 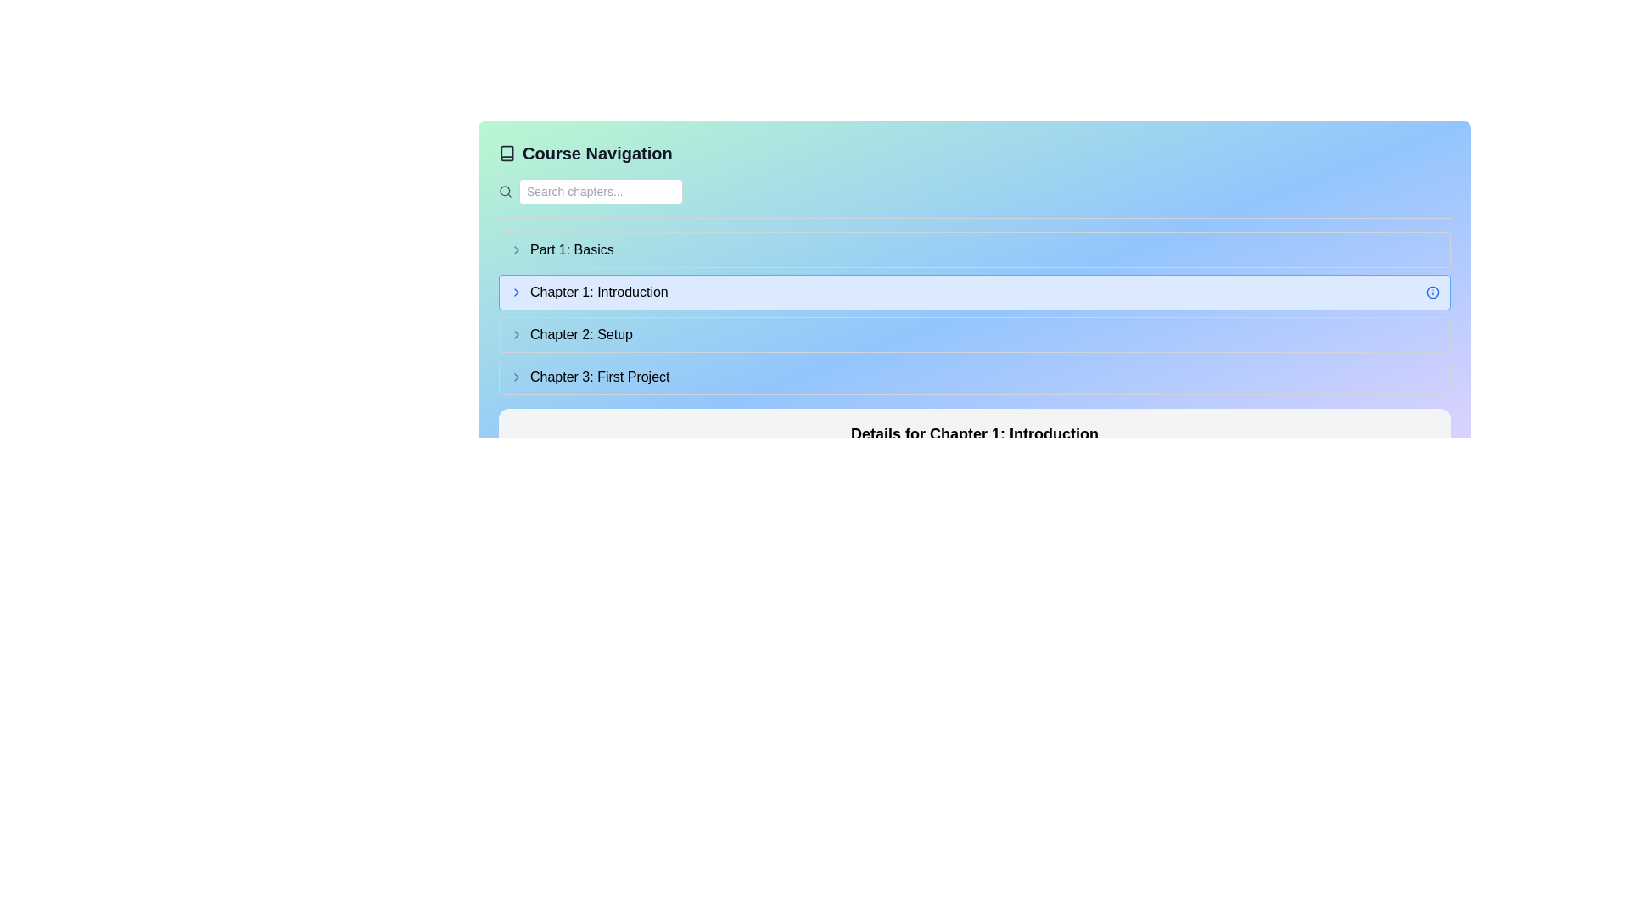 I want to click on the Collapsible header item labeled 'Part 1: Basics' which contains a chevron icon and is positioned directly below the search bar, so click(x=562, y=249).